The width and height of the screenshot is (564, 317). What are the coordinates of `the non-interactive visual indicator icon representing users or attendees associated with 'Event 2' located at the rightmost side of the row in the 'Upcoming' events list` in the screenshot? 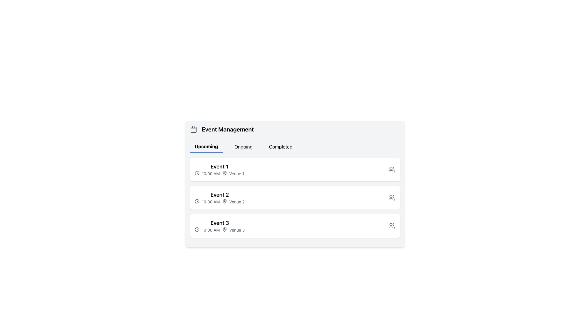 It's located at (392, 198).